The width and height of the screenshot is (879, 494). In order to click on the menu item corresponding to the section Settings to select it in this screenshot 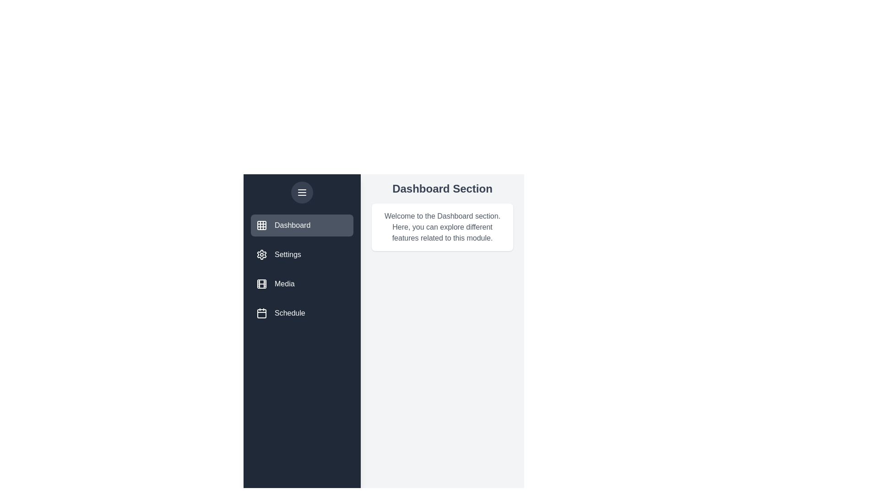, I will do `click(302, 254)`.